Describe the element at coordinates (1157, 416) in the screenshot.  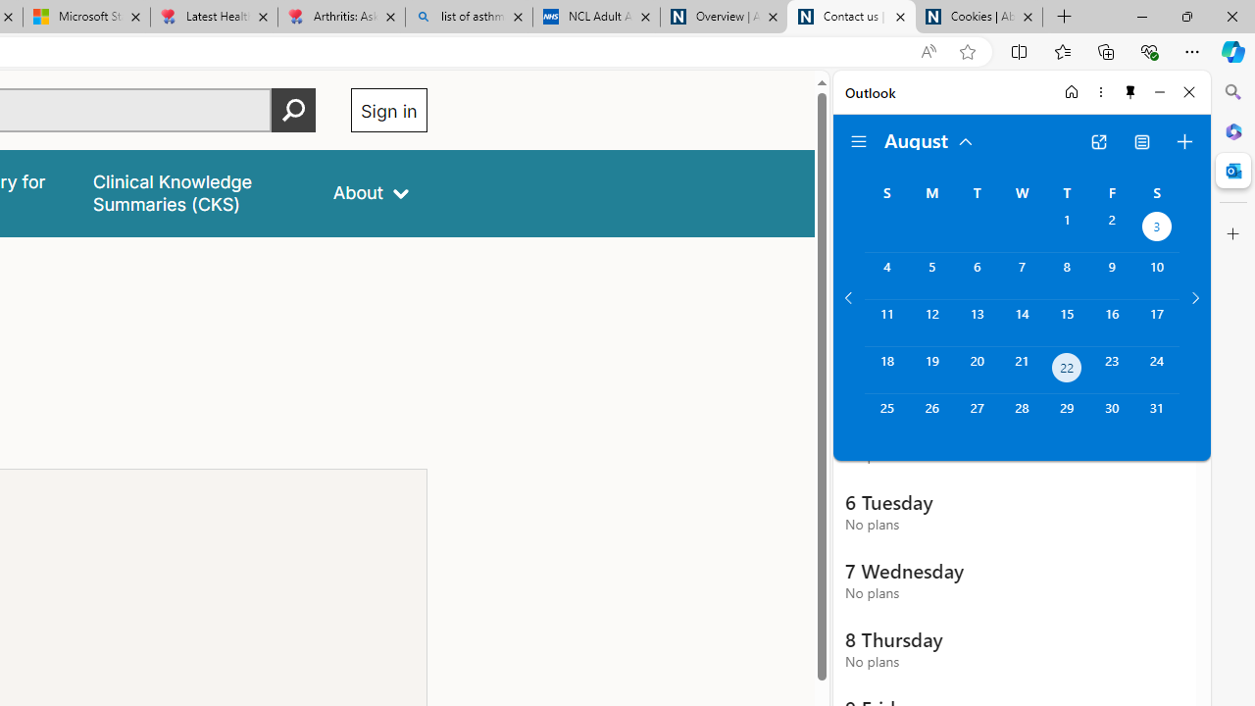
I see `'Saturday, August 31, 2024. '` at that location.